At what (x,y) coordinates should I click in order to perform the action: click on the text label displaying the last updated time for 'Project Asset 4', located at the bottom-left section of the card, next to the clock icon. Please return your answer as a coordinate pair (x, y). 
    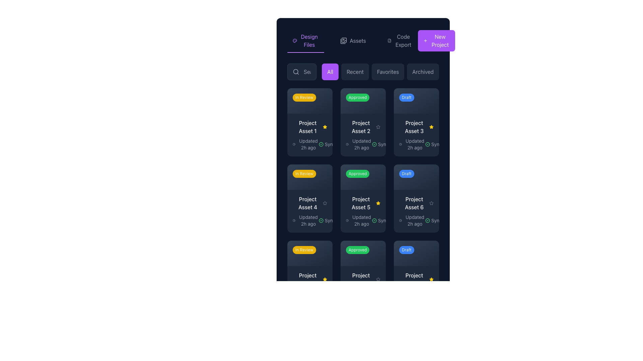
    Looking at the image, I should click on (308, 220).